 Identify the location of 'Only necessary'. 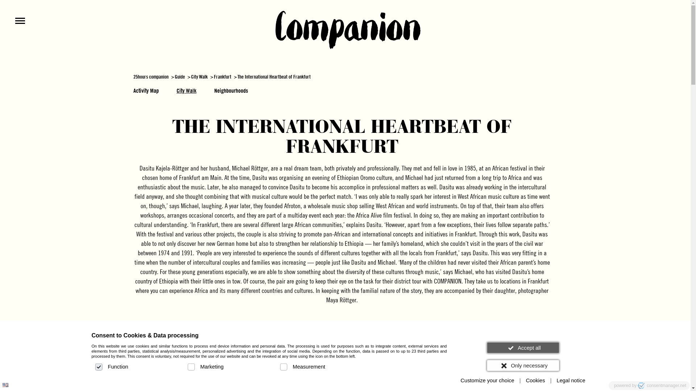
(522, 365).